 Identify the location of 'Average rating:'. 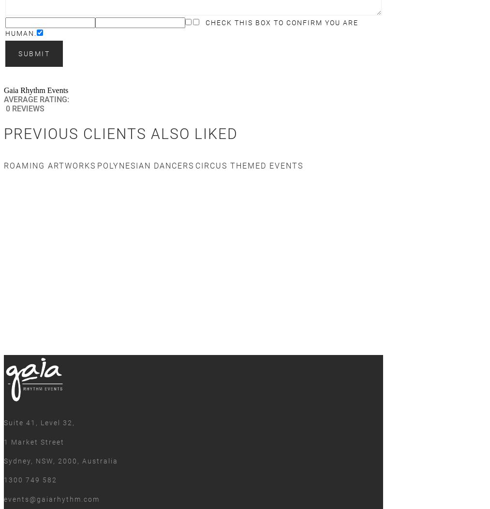
(37, 98).